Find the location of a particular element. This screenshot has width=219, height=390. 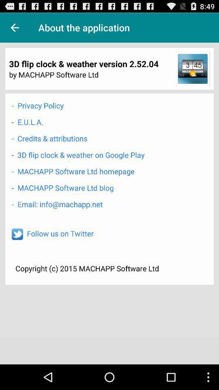

the item below by machapp software is located at coordinates (37, 105).